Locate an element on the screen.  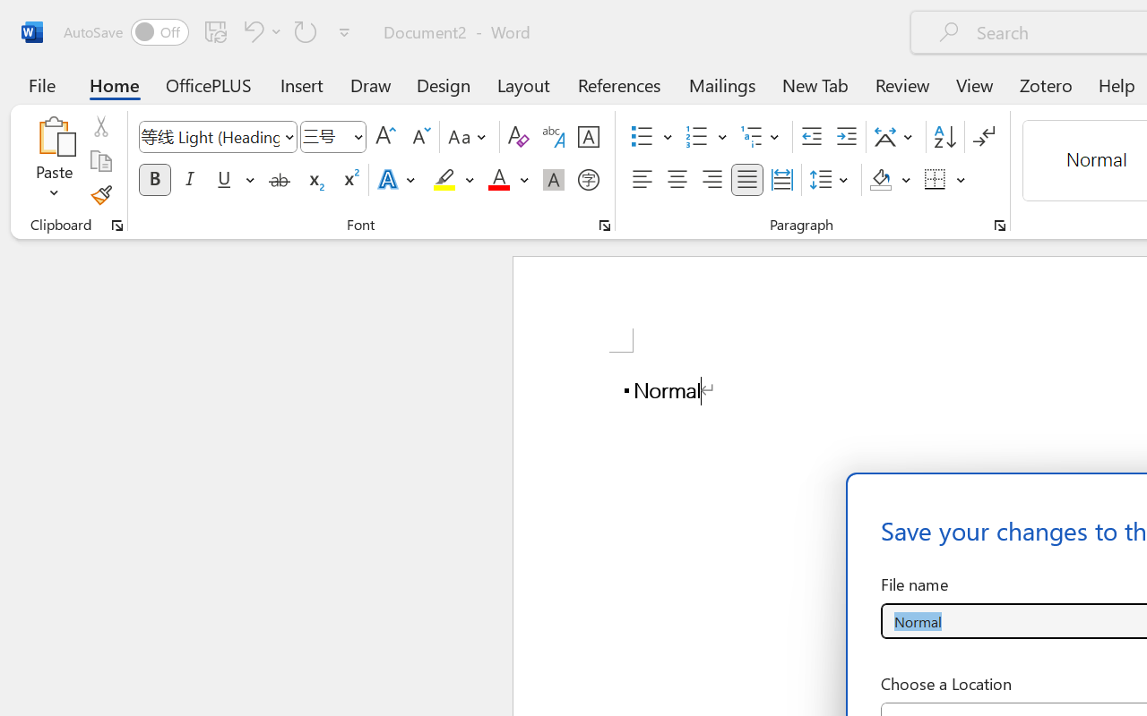
'Zotero' is located at coordinates (1046, 84).